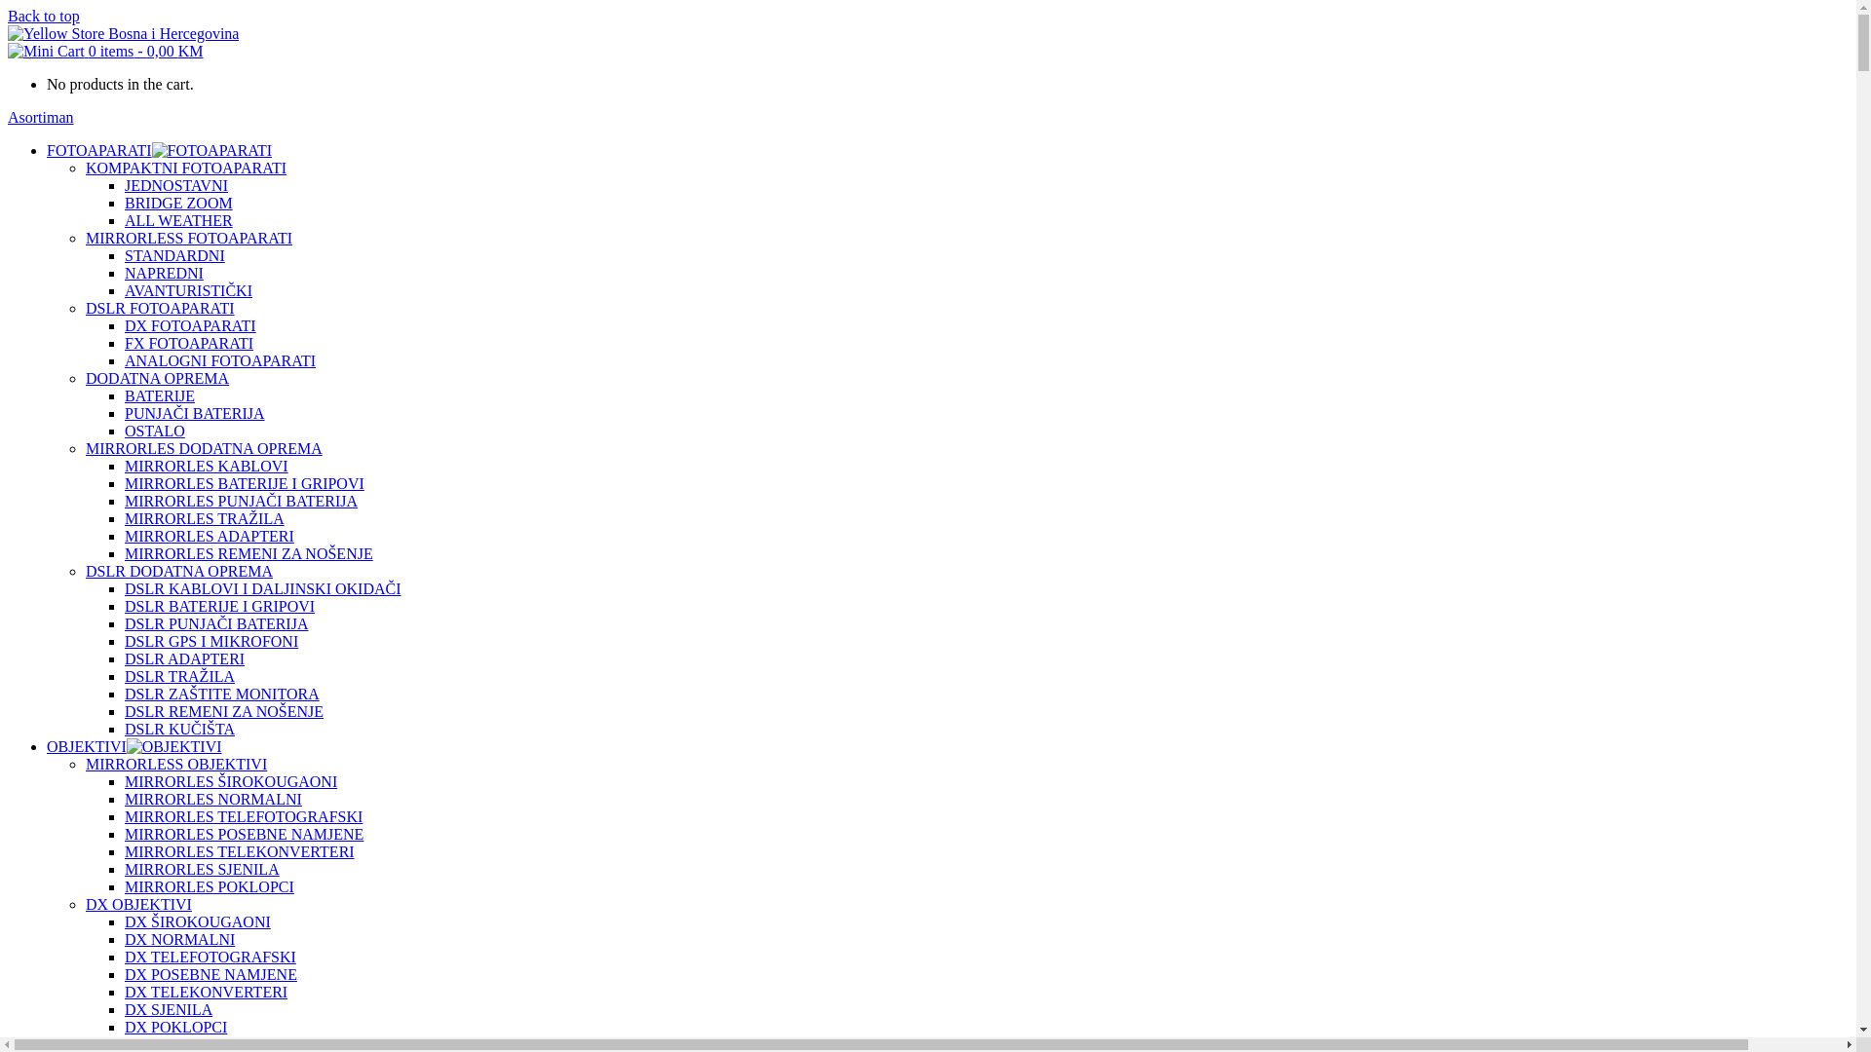 This screenshot has height=1052, width=1871. I want to click on 'DSLR FOTOAPARATI', so click(84, 307).